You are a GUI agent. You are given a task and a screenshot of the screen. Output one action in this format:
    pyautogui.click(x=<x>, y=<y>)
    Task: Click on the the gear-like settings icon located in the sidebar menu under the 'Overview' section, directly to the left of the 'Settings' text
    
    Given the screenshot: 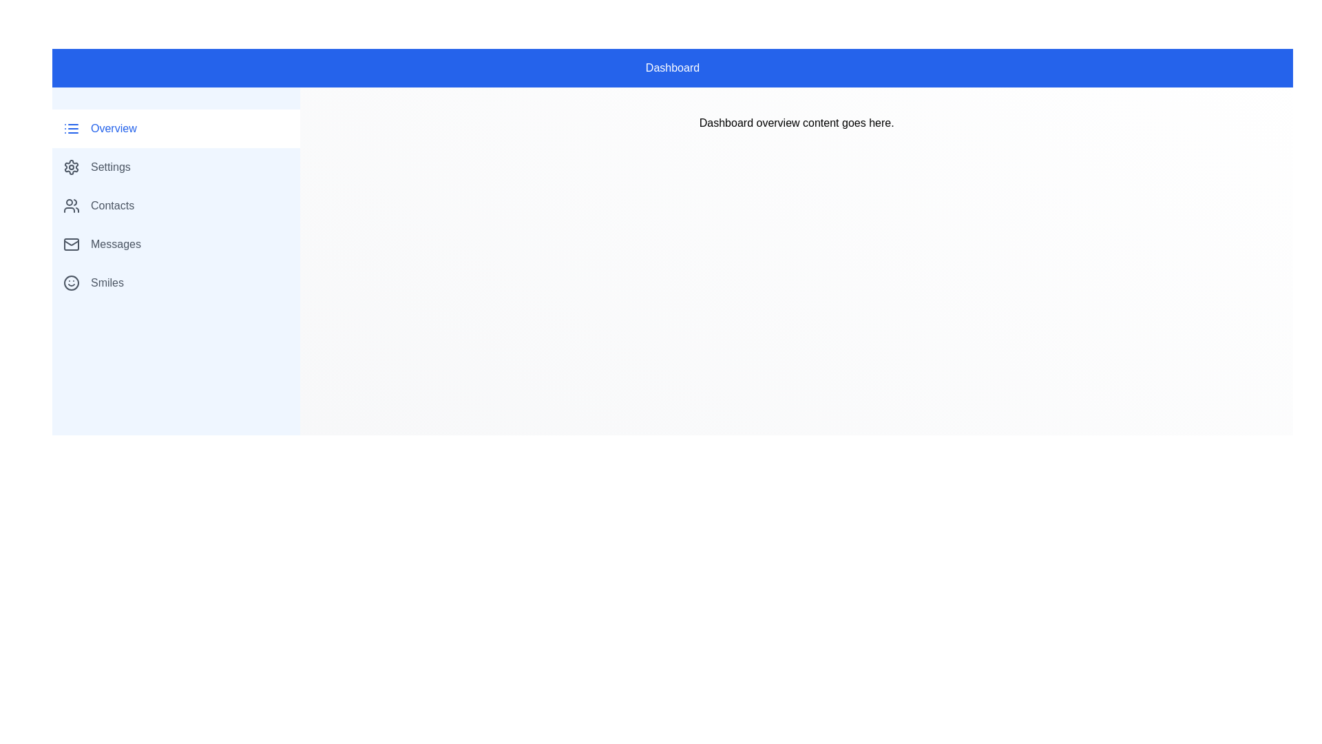 What is the action you would take?
    pyautogui.click(x=71, y=167)
    